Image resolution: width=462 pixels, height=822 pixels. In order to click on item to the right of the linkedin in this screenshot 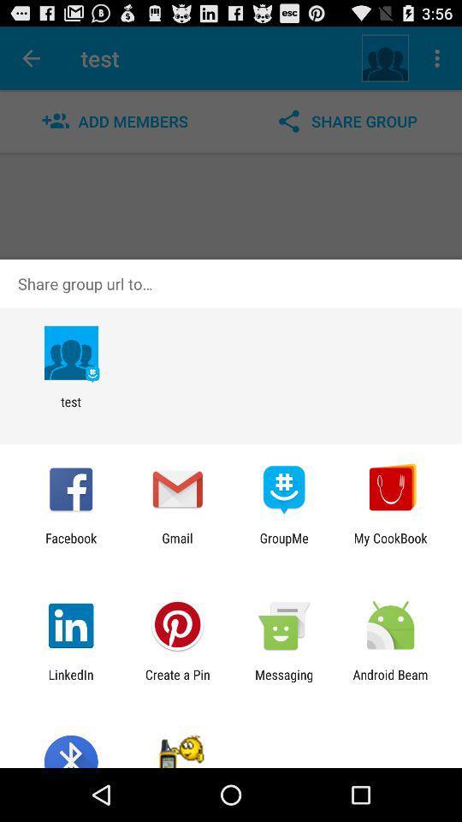, I will do `click(176, 682)`.